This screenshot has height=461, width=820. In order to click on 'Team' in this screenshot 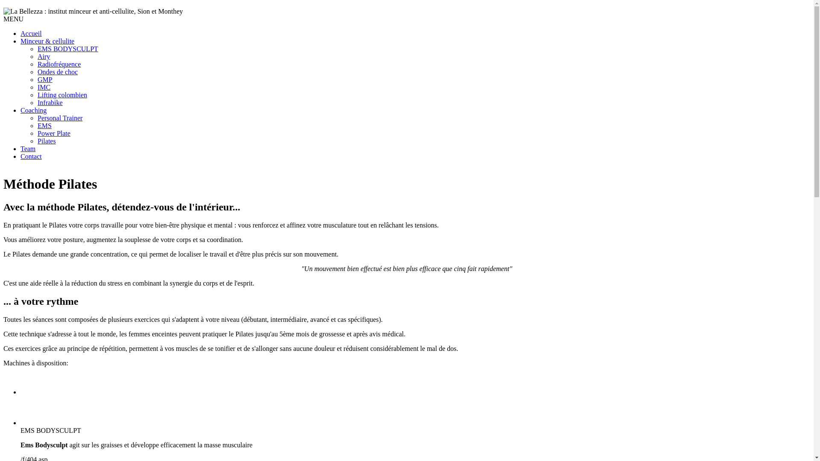, I will do `click(28, 148)`.